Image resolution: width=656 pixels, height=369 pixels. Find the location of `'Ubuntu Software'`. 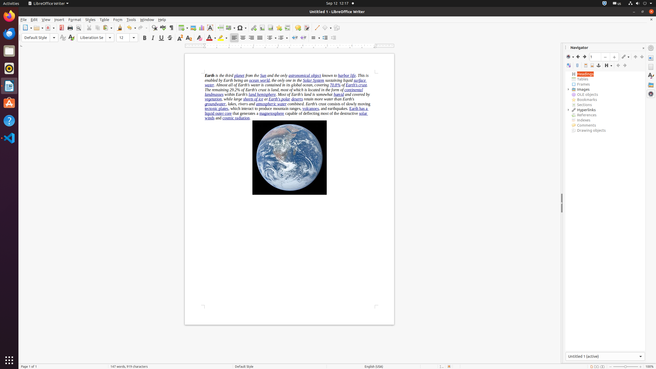

'Ubuntu Software' is located at coordinates (9, 103).